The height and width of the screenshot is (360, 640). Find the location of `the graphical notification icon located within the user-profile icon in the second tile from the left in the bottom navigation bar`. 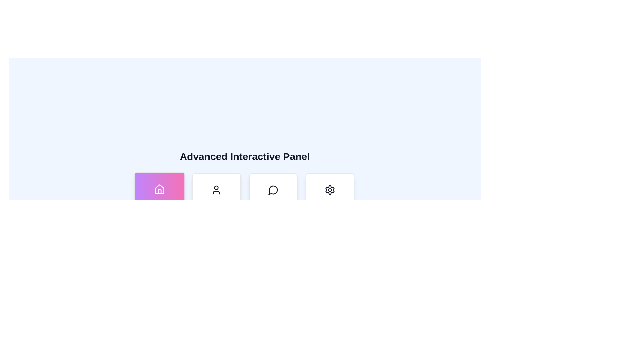

the graphical notification icon located within the user-profile icon in the second tile from the left in the bottom navigation bar is located at coordinates (216, 188).